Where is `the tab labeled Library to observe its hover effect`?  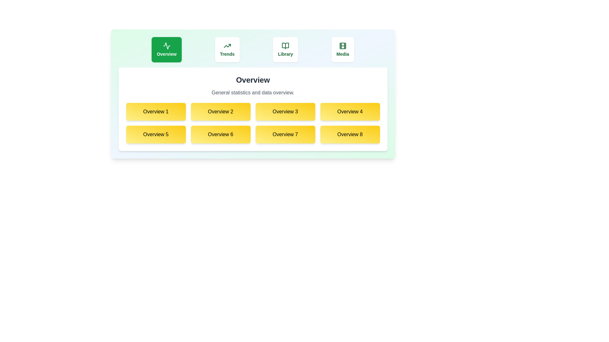 the tab labeled Library to observe its hover effect is located at coordinates (285, 49).